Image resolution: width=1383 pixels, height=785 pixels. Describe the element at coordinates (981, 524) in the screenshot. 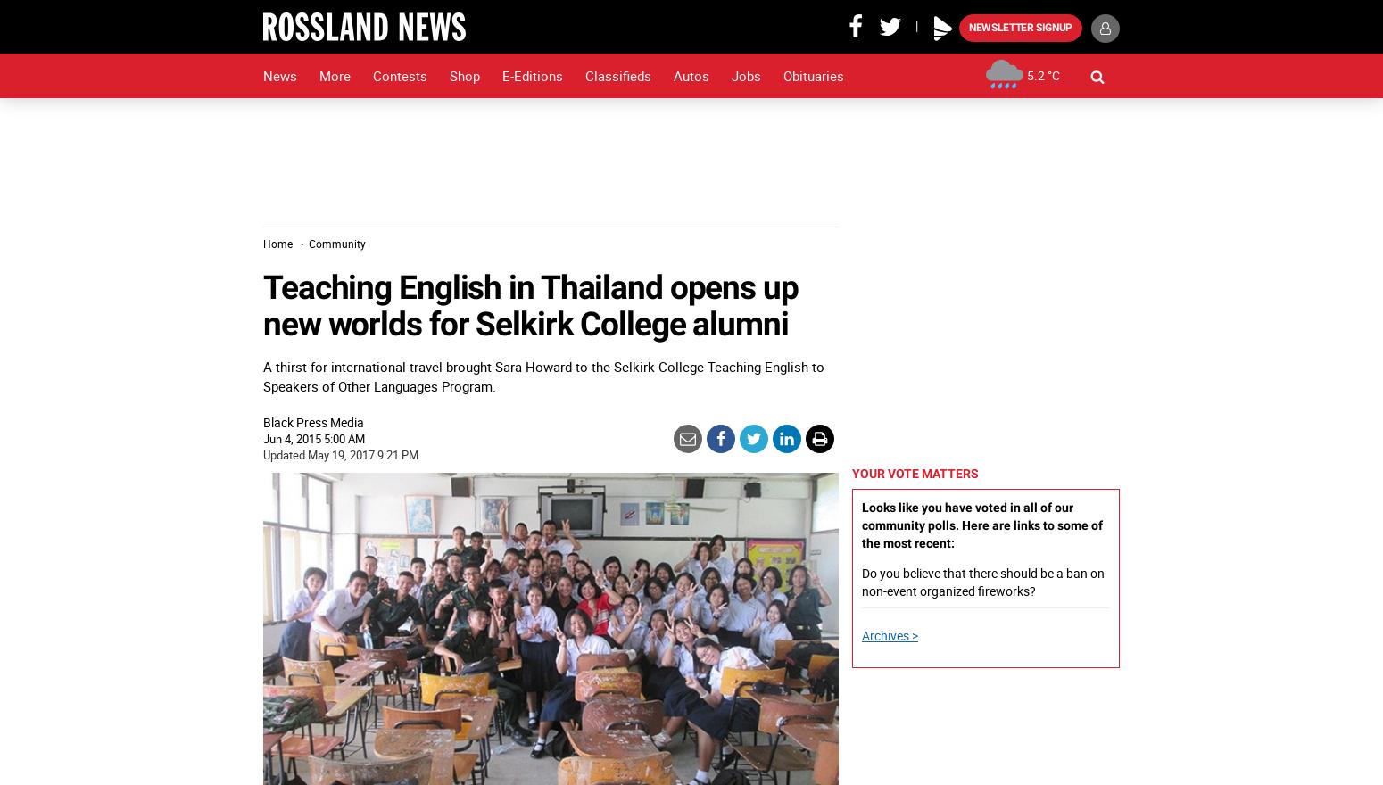

I see `'Looks like you have voted in all of our community polls. Here are links to some of the most recent:'` at that location.